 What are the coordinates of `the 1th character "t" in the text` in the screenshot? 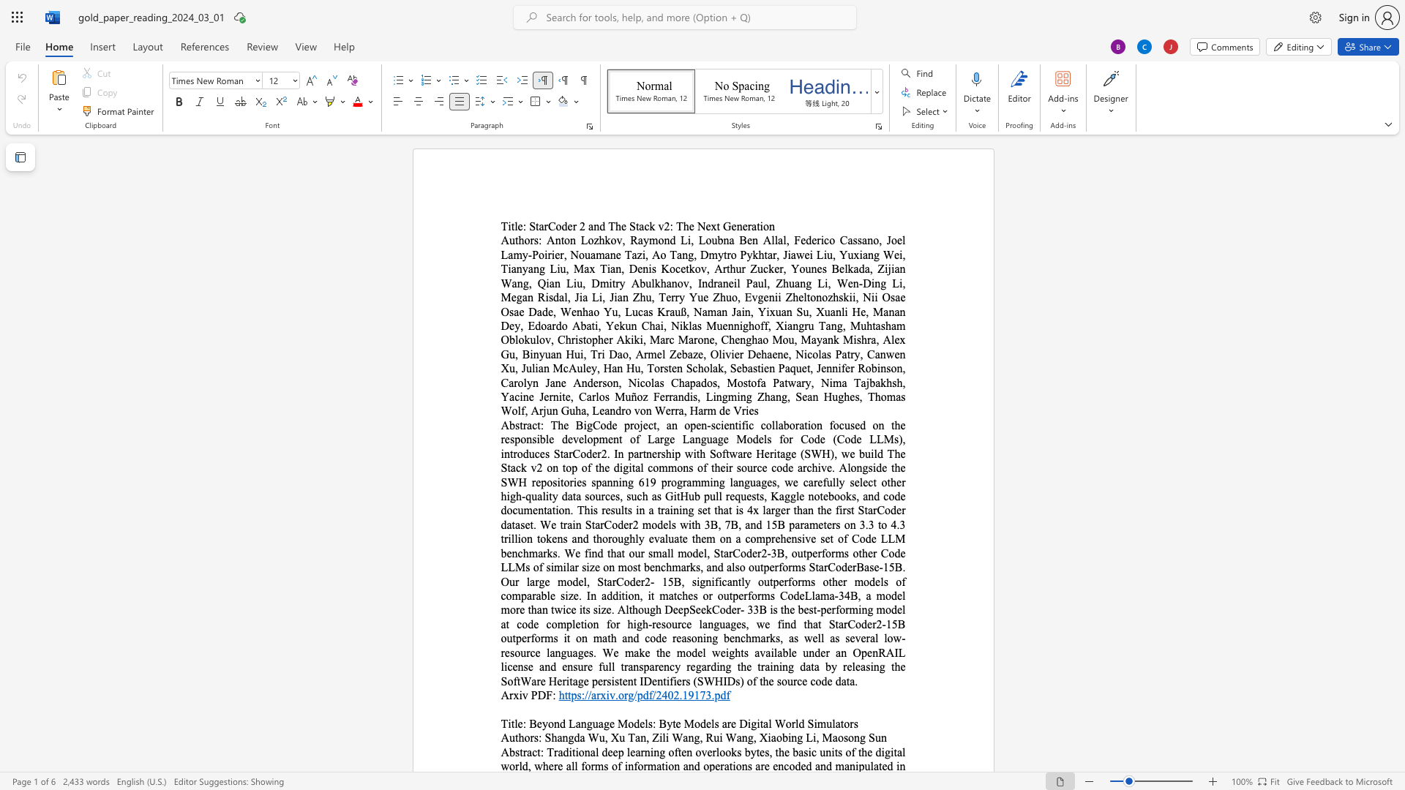 It's located at (521, 752).